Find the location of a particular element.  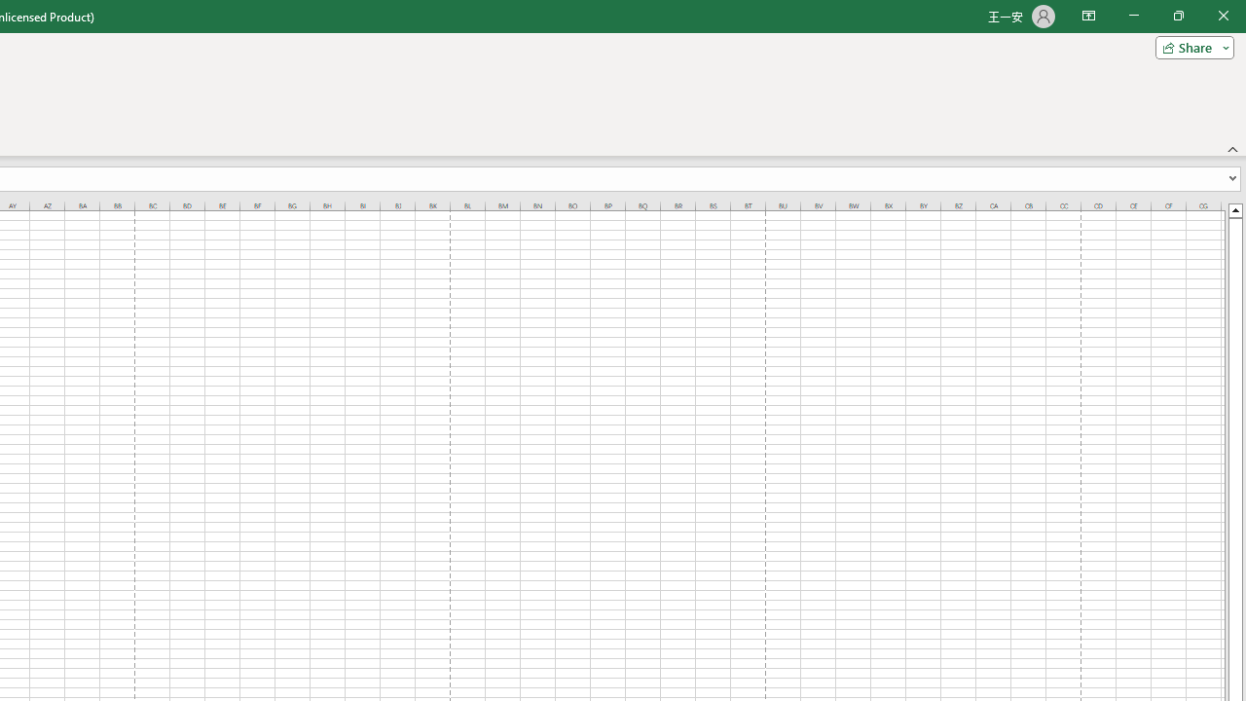

'Ribbon Display Options' is located at coordinates (1087, 16).